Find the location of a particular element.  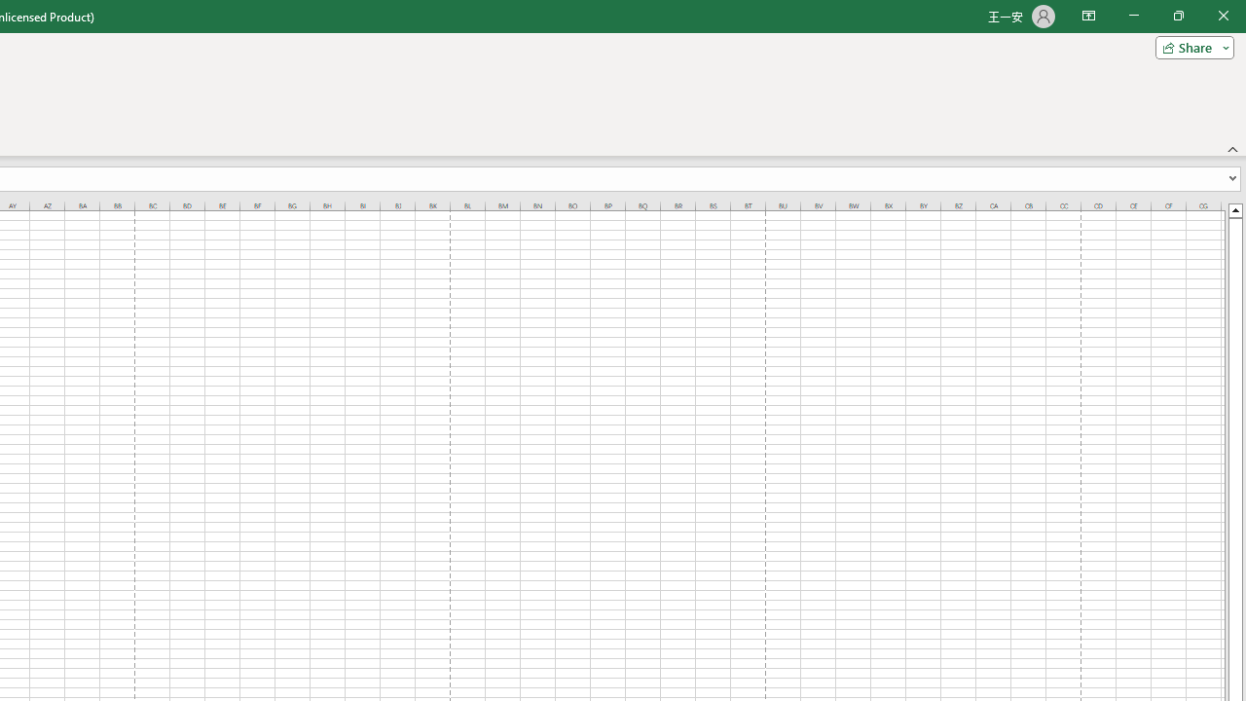

'Ribbon Display Options' is located at coordinates (1087, 16).